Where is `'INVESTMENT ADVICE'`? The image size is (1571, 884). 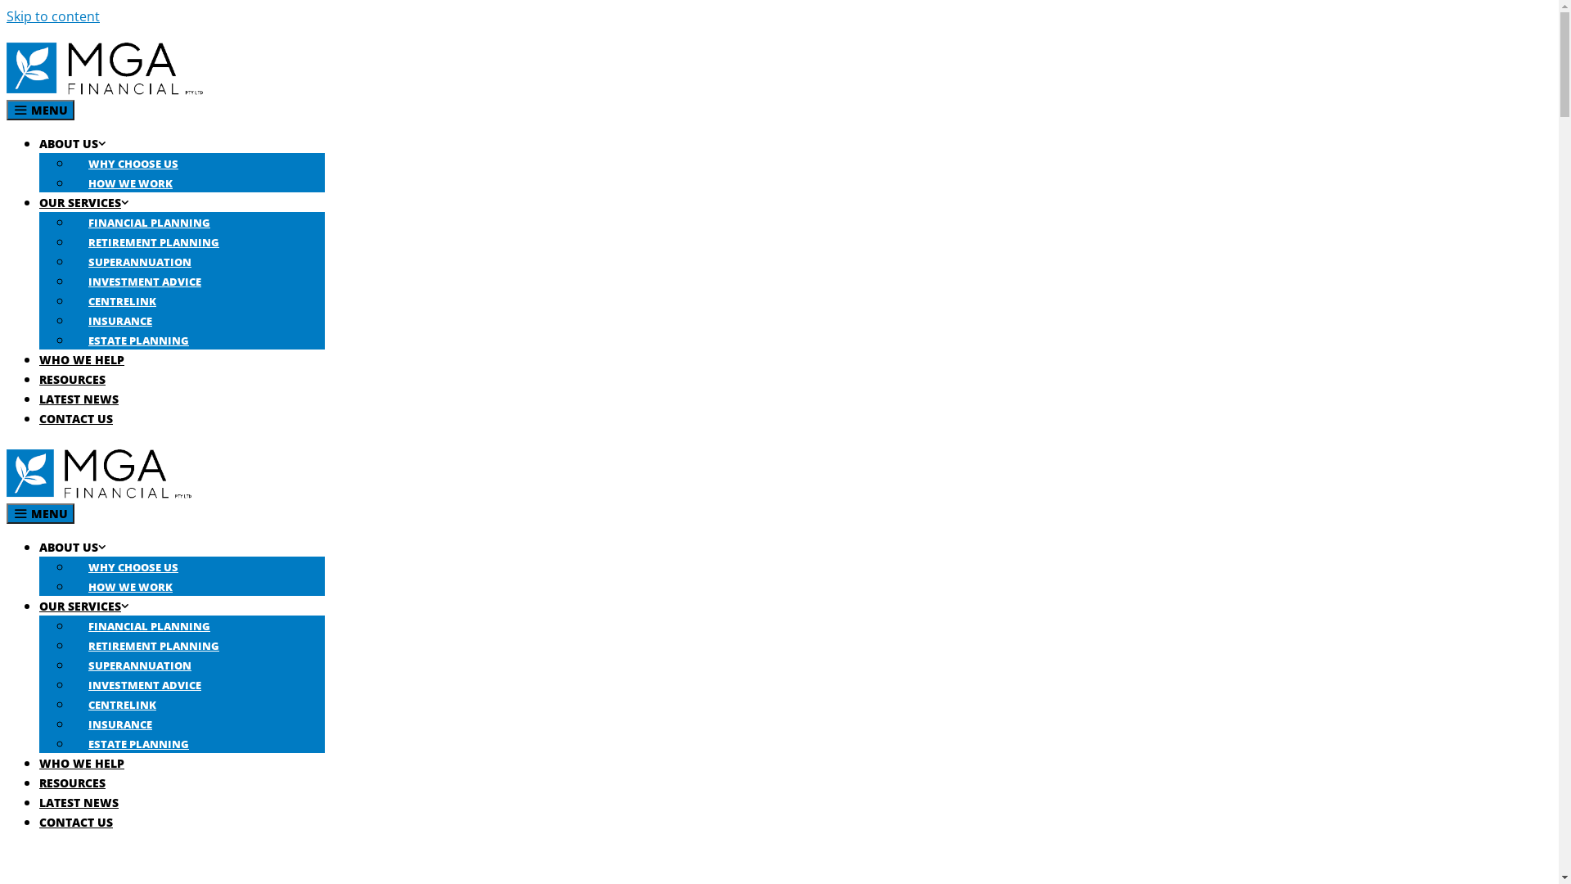
'INVESTMENT ADVICE' is located at coordinates (145, 685).